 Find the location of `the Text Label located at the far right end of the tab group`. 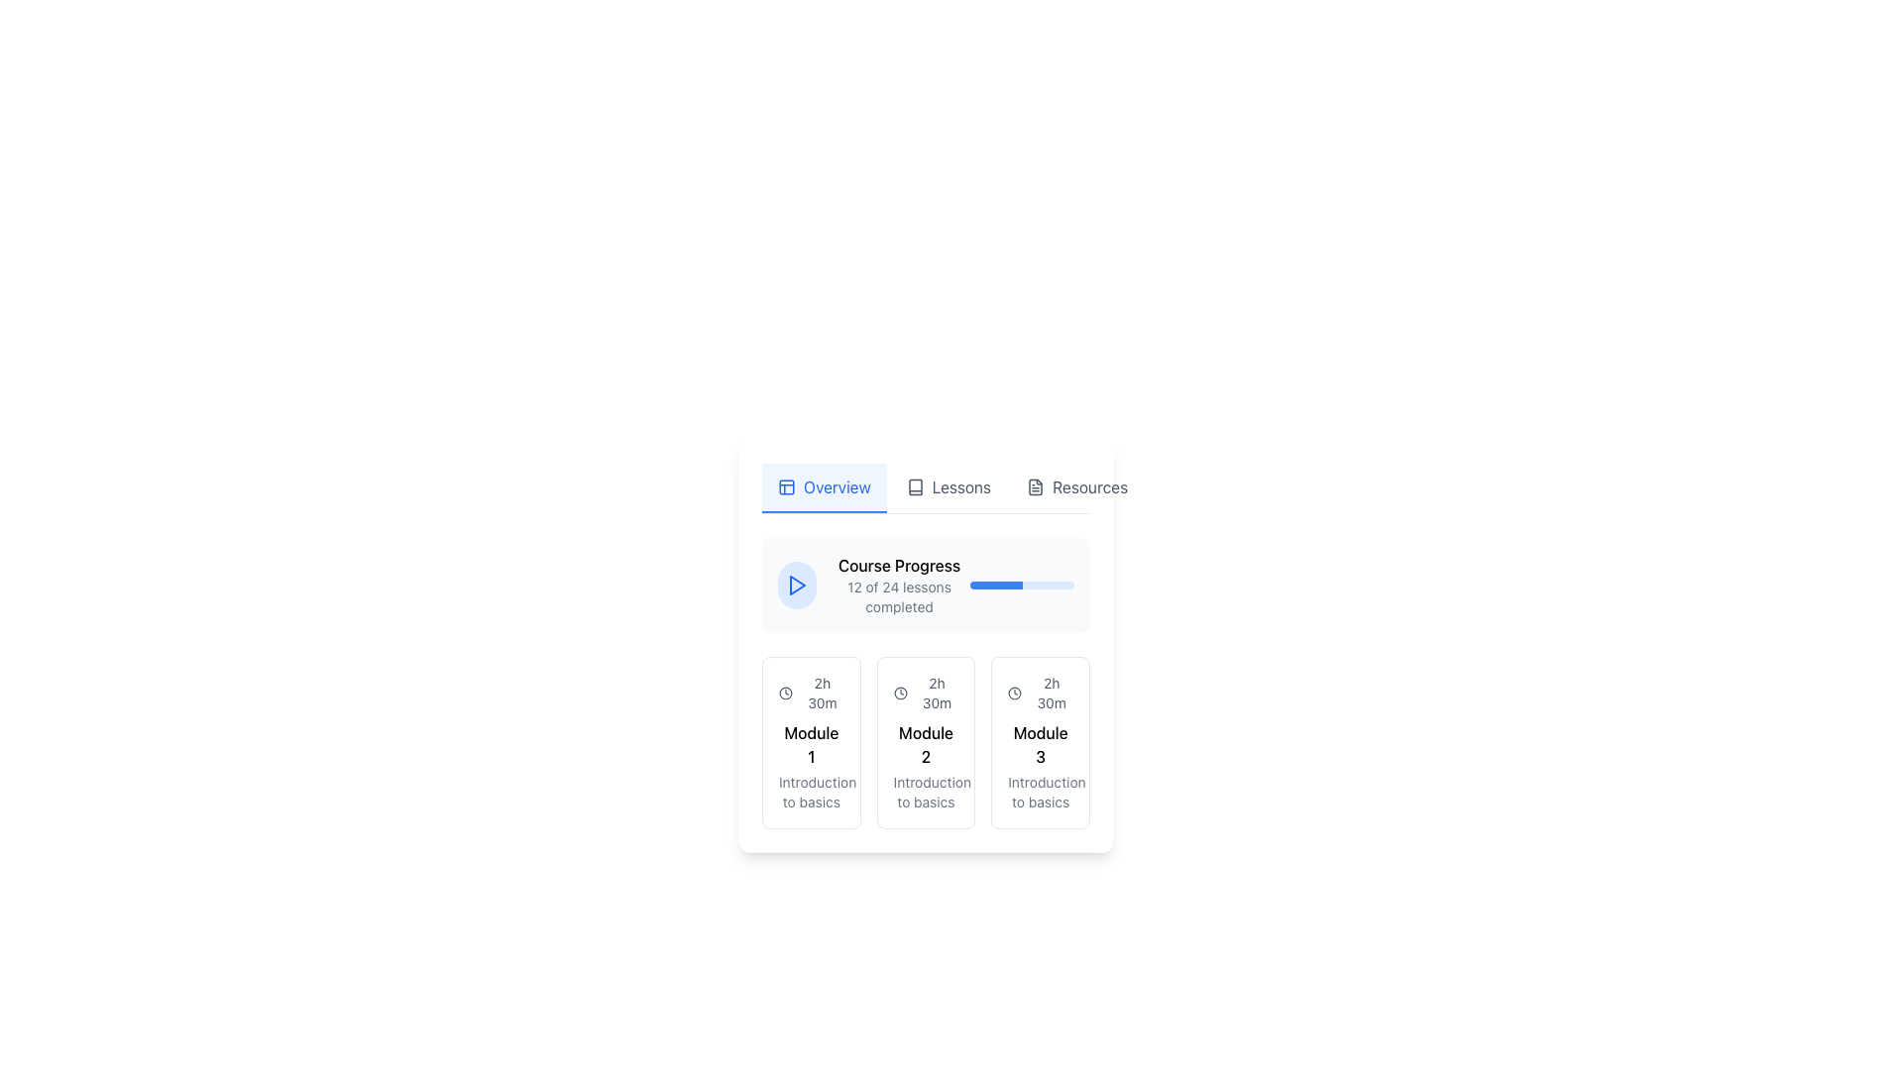

the Text Label located at the far right end of the tab group is located at coordinates (1089, 487).